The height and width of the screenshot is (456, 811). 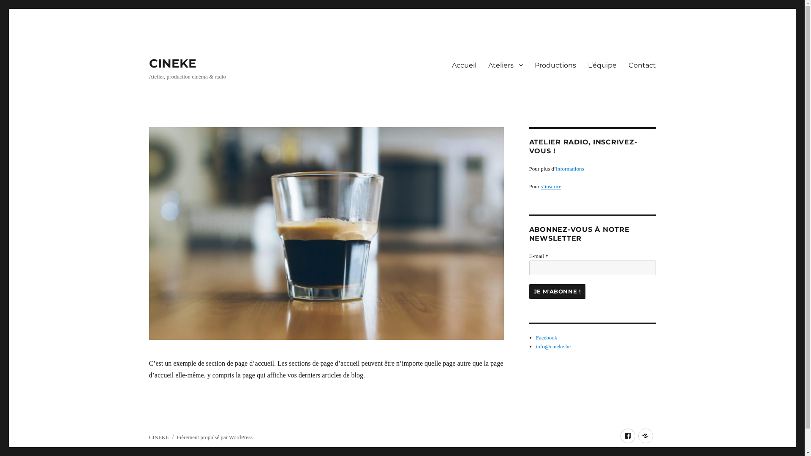 I want to click on 'CINEKE', so click(x=148, y=63).